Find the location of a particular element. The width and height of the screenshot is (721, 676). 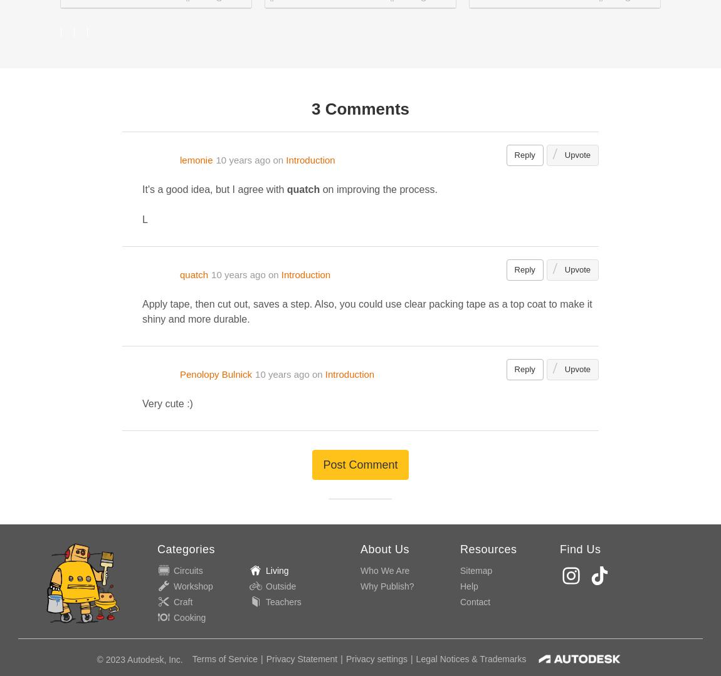

'L' is located at coordinates (144, 219).